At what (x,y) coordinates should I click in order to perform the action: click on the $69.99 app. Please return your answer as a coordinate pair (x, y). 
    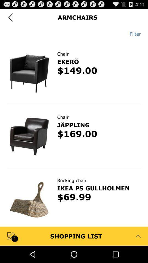
    Looking at the image, I should click on (74, 197).